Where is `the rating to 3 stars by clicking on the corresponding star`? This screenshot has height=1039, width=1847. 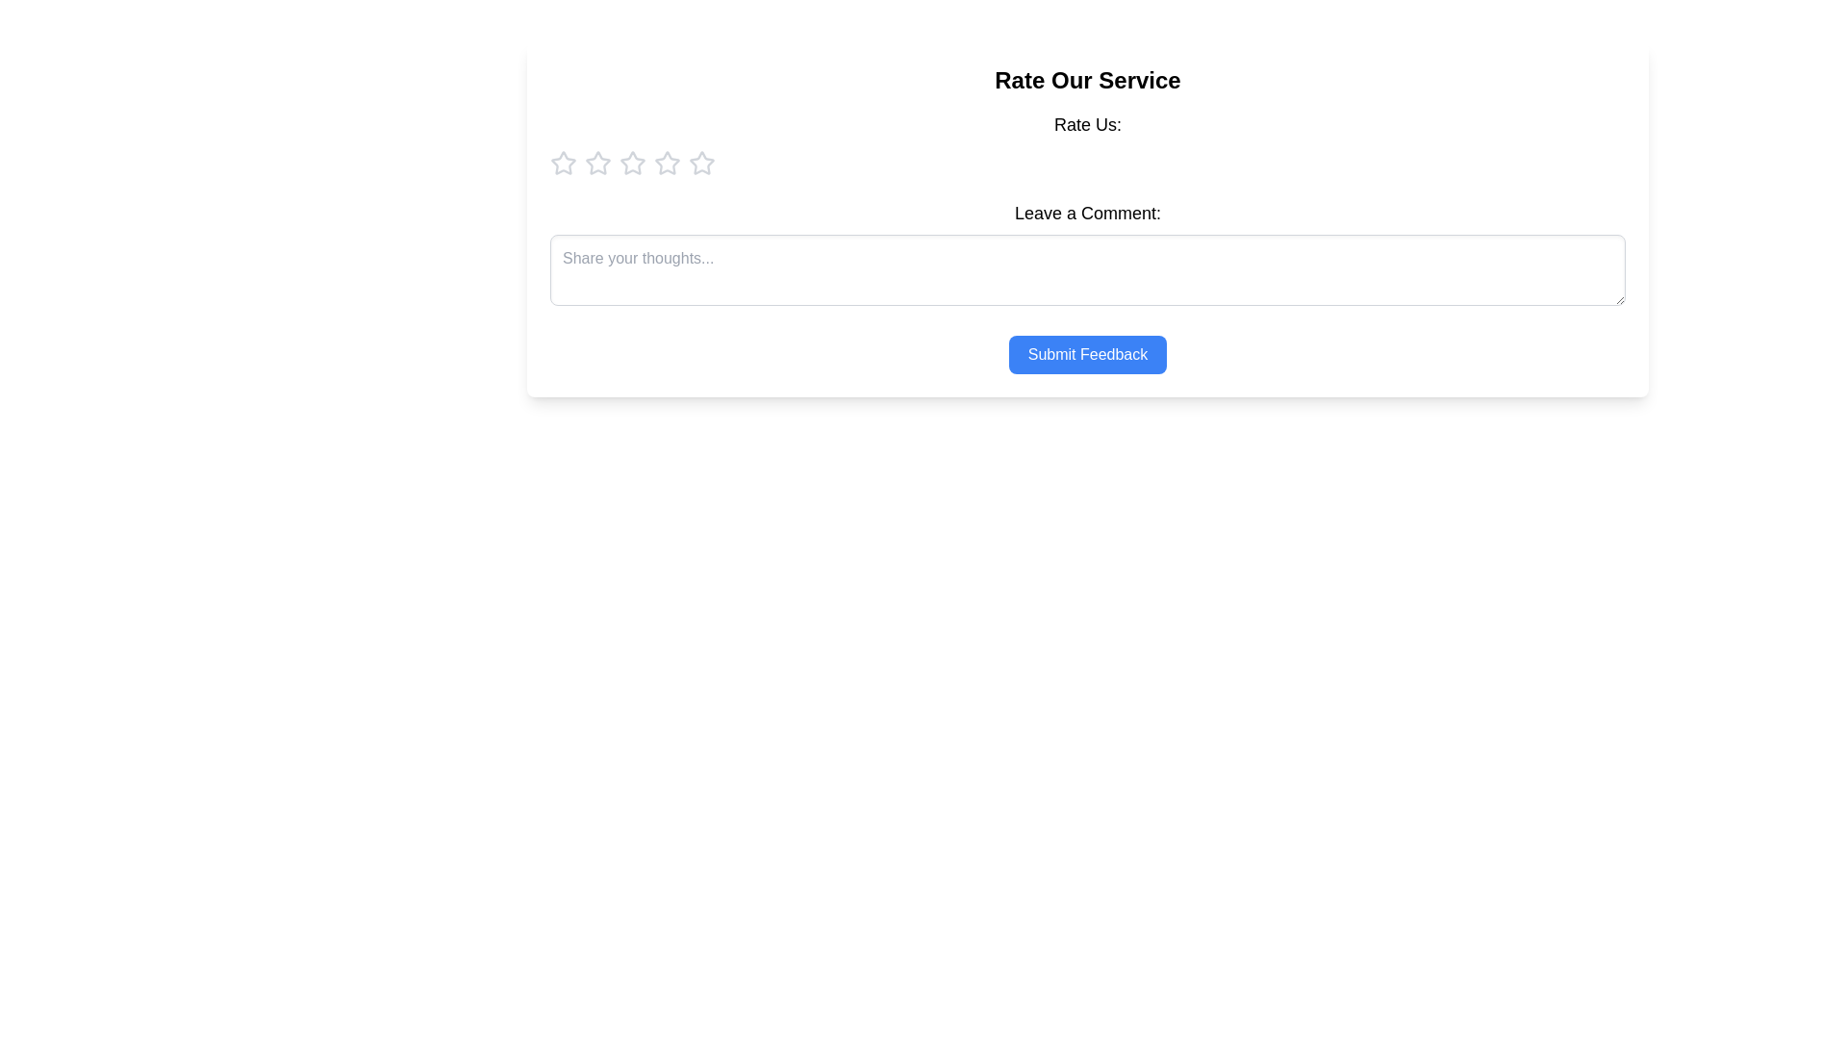
the rating to 3 stars by clicking on the corresponding star is located at coordinates (632, 162).